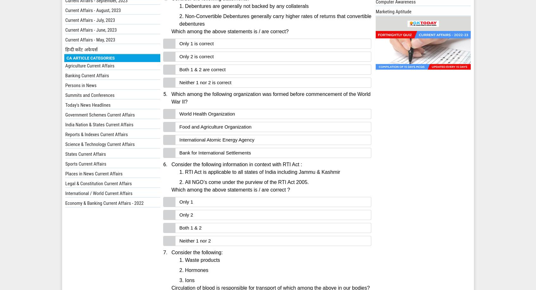 This screenshot has height=290, width=536. Describe the element at coordinates (90, 57) in the screenshot. I see `'CA Article Categories'` at that location.